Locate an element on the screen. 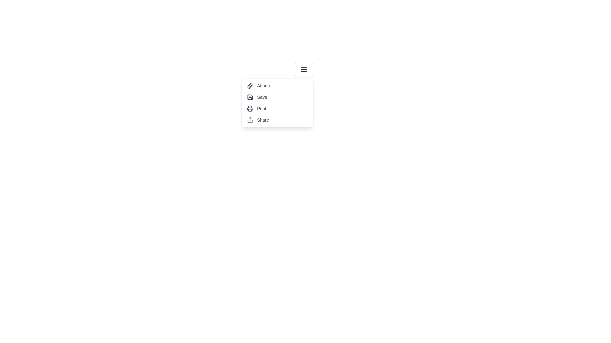 The image size is (611, 343). the Menu / Hamburger icon located at the top-right corner is located at coordinates (304, 70).